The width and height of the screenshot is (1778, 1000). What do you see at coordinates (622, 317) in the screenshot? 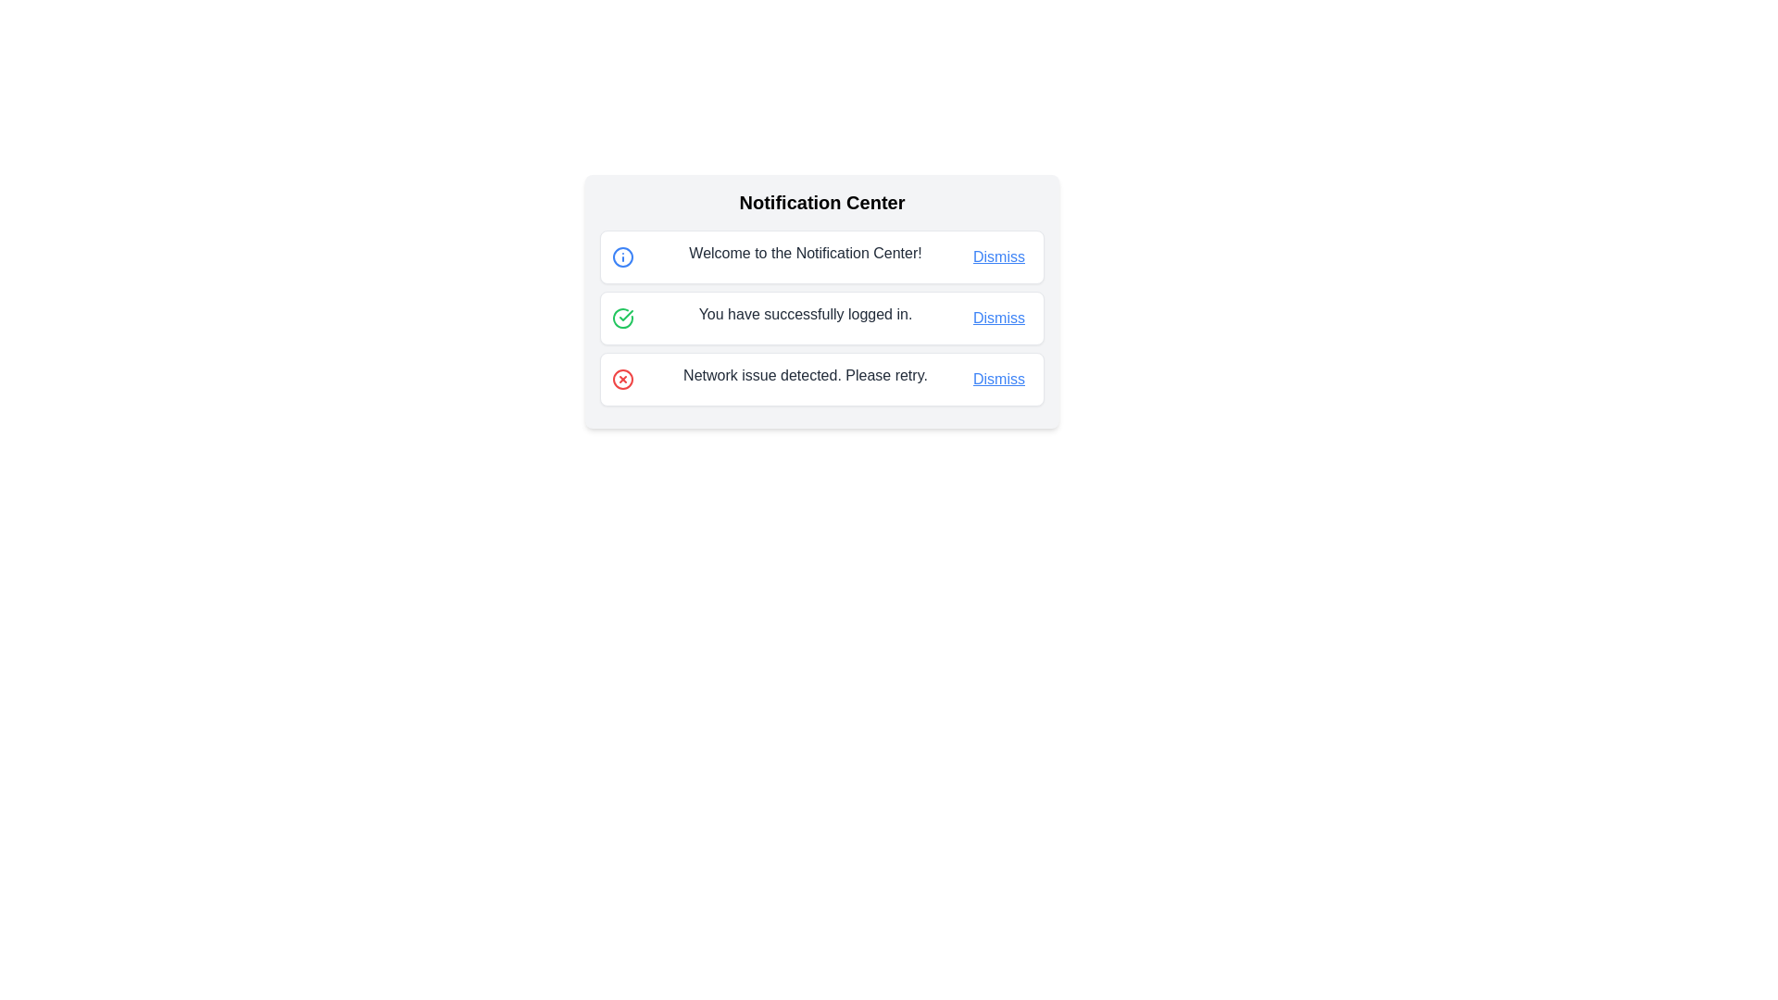
I see `the visual indicator icon that confirms successful login status, located in the second notification row of the notification center, aligned to the left of the text 'You have successfully logged in.'` at bounding box center [622, 317].